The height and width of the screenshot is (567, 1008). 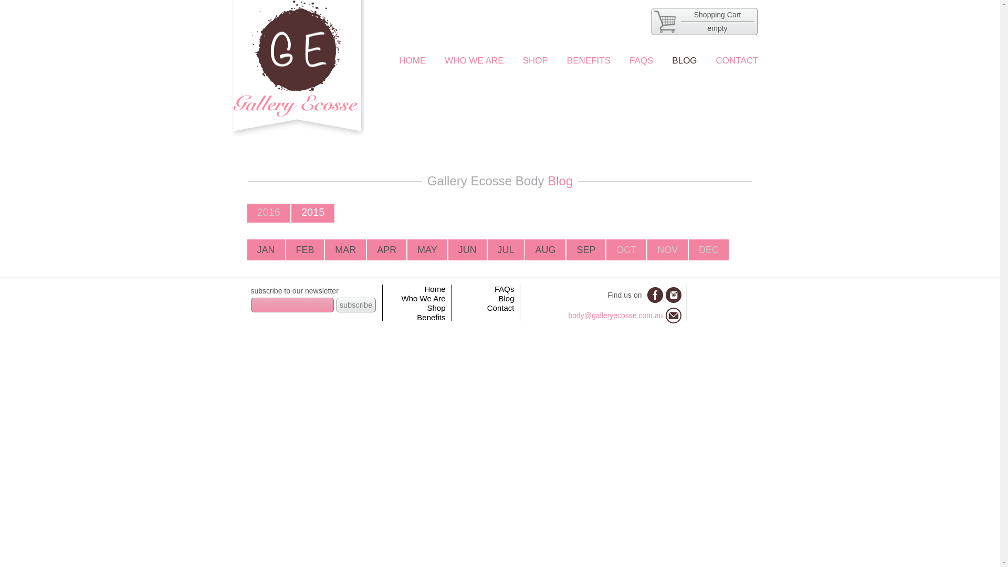 I want to click on 'NOV', so click(x=667, y=249).